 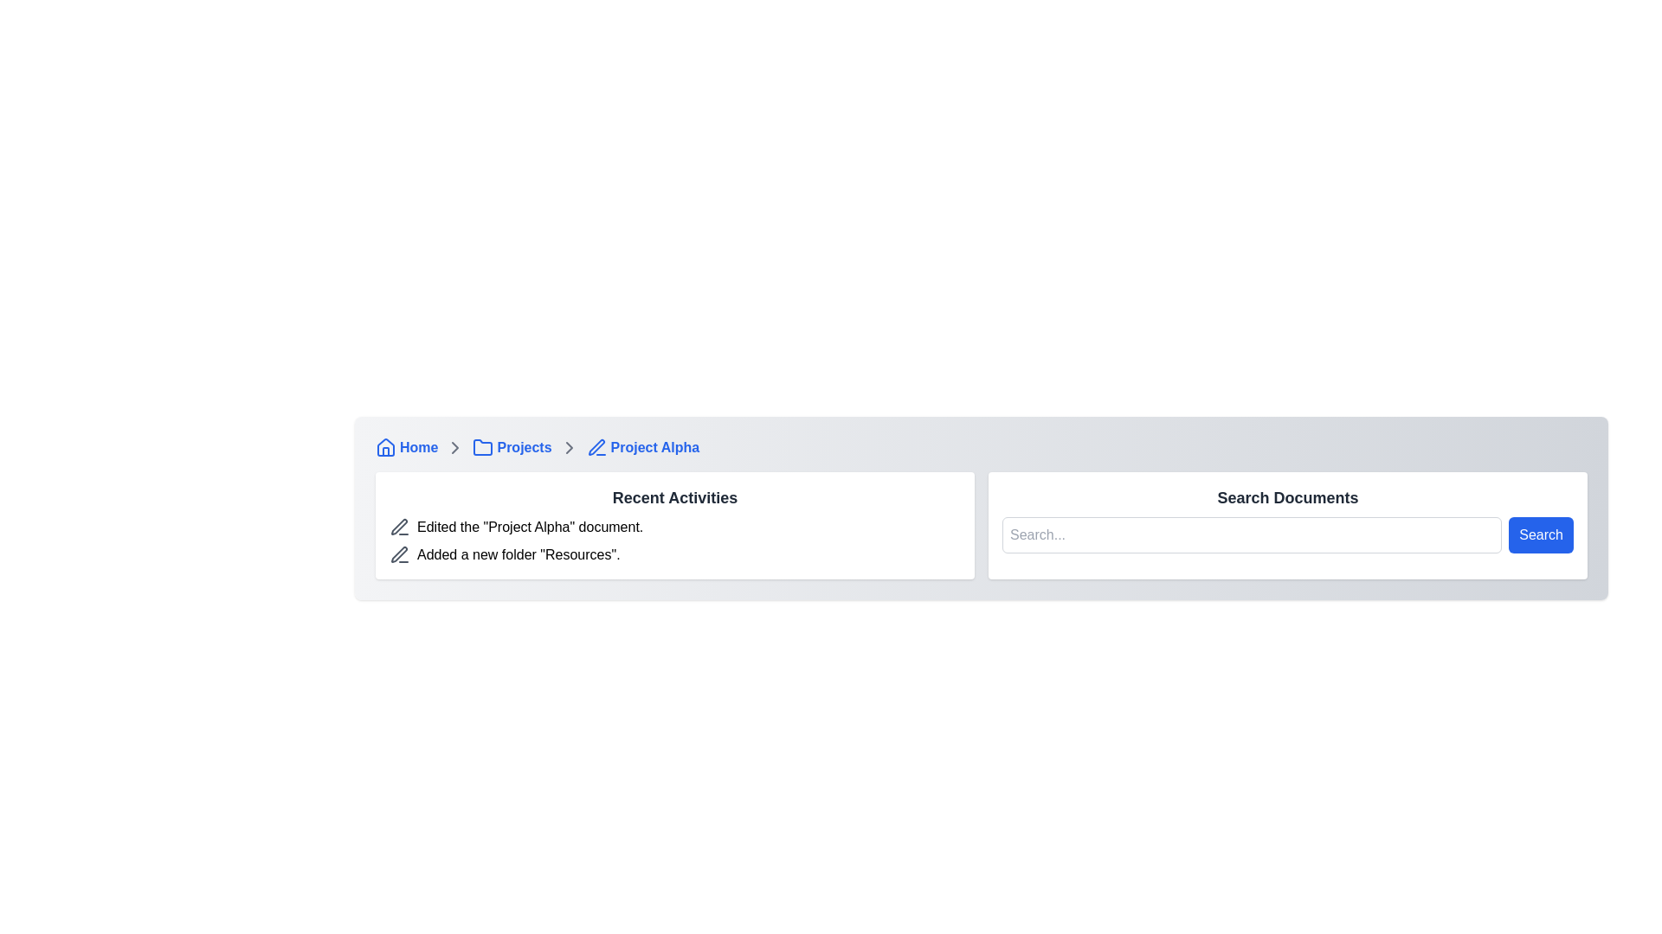 What do you see at coordinates (511, 446) in the screenshot?
I see `the 'Projects' anchor link in the breadcrumb navigation bar, which is the second item between 'Home' and 'Project Alpha'` at bounding box center [511, 446].